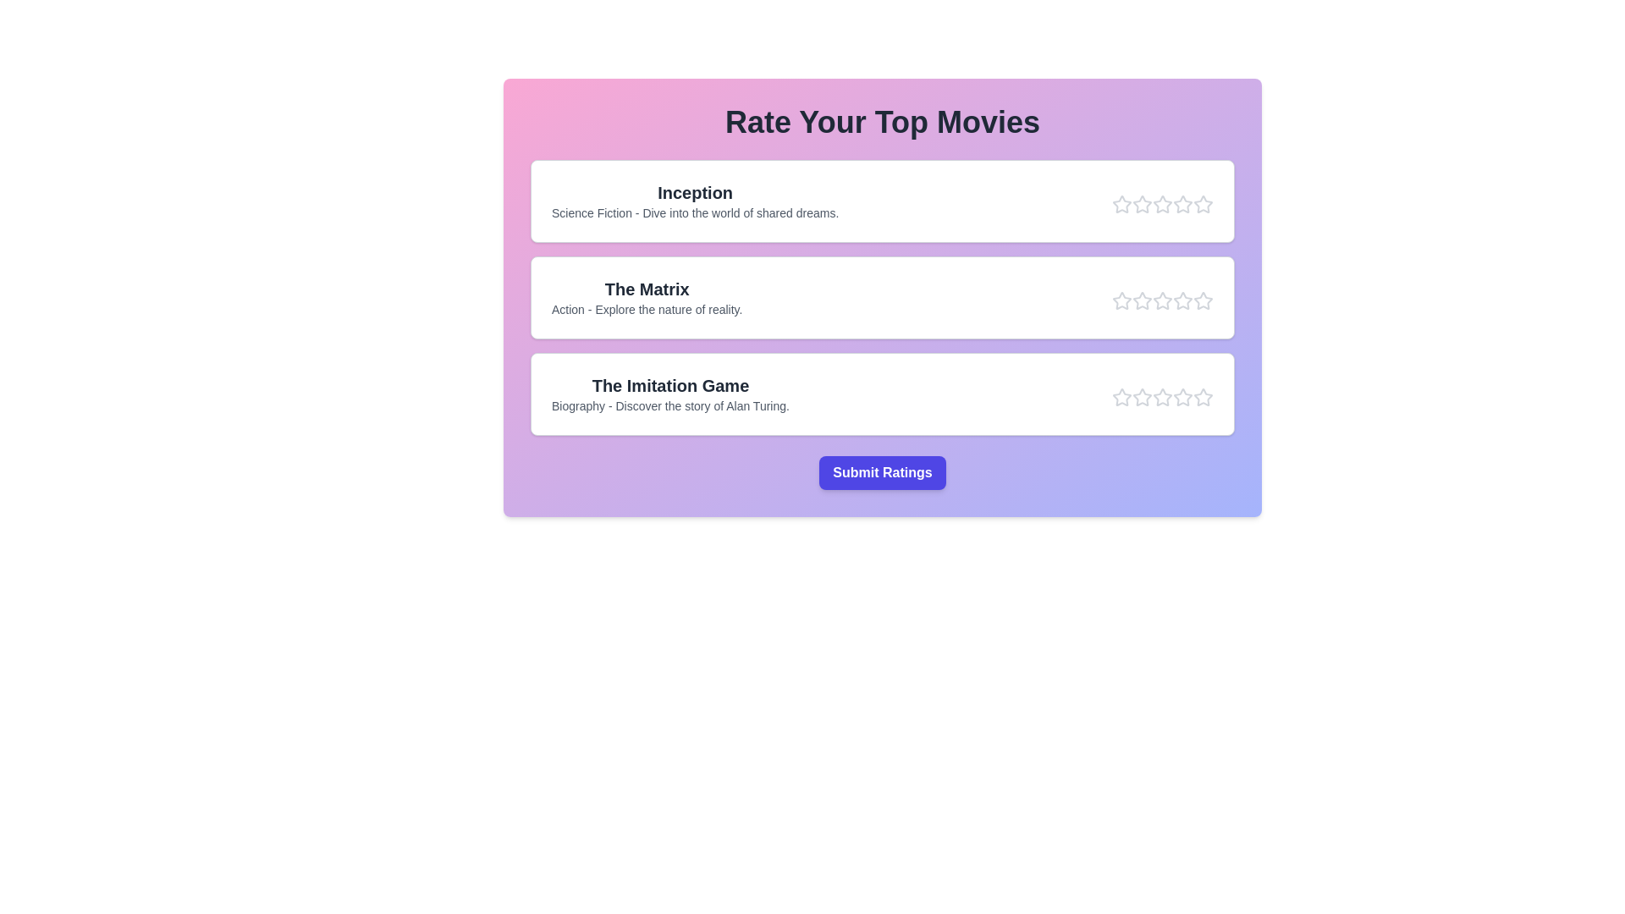  Describe the element at coordinates (695, 191) in the screenshot. I see `the movie title or description of Inception` at that location.